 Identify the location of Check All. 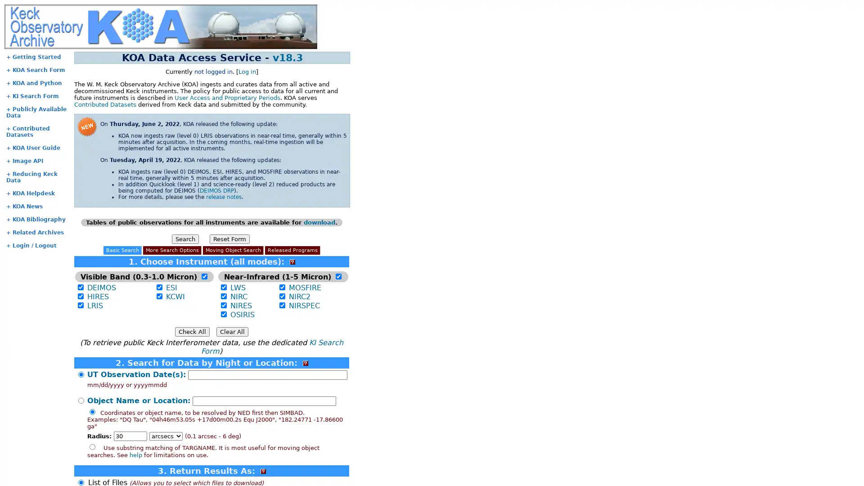
(192, 331).